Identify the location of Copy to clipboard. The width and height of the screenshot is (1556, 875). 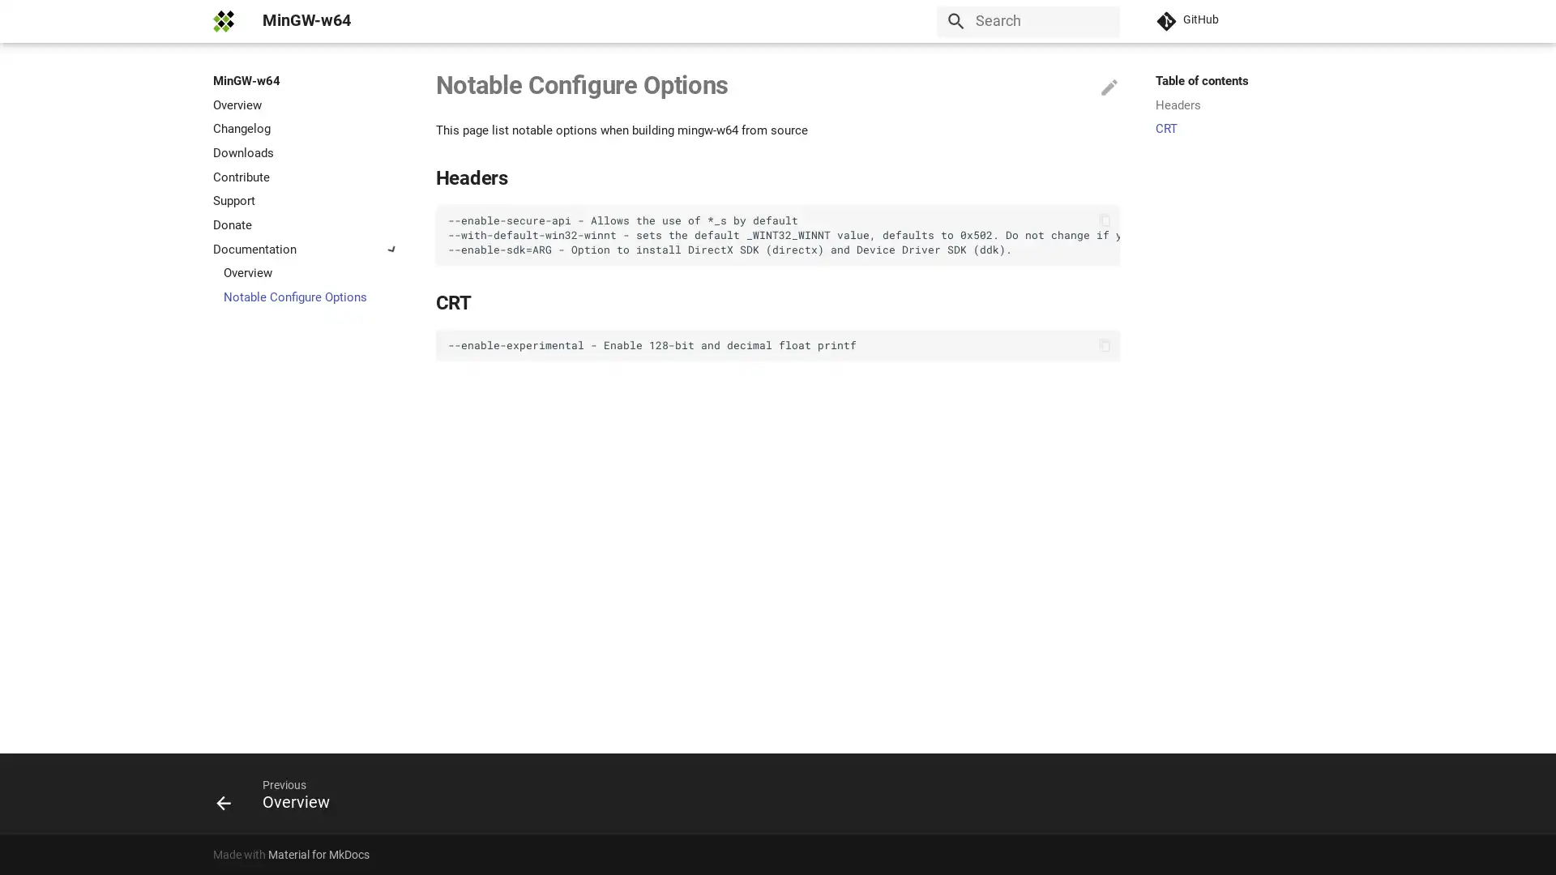
(1103, 220).